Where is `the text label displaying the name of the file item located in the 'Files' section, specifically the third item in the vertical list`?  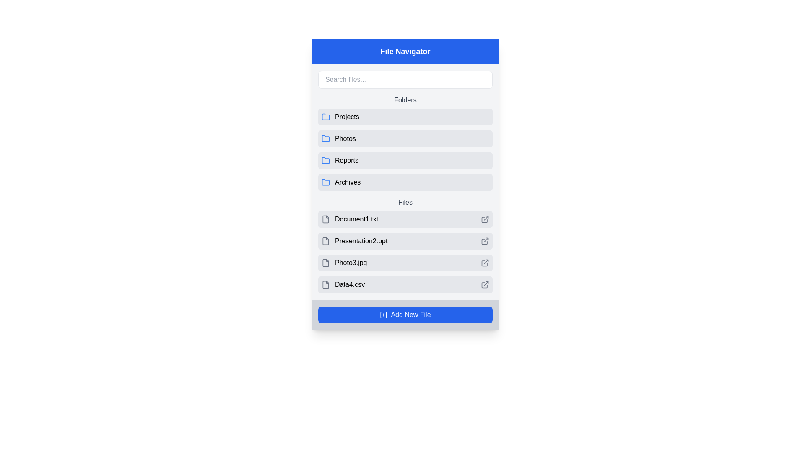 the text label displaying the name of the file item located in the 'Files' section, specifically the third item in the vertical list is located at coordinates (351, 263).